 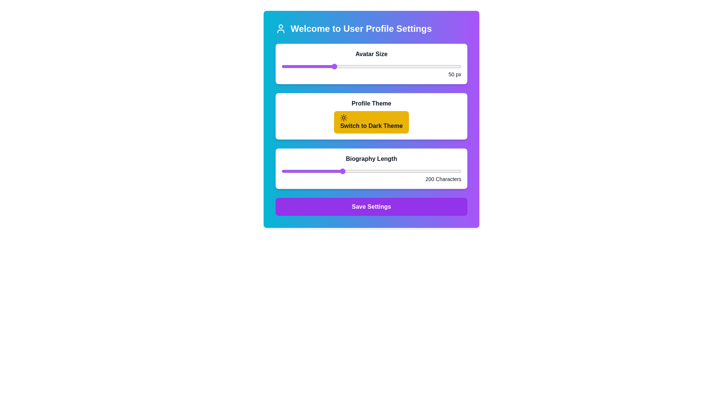 What do you see at coordinates (458, 66) in the screenshot?
I see `avatar size` at bounding box center [458, 66].